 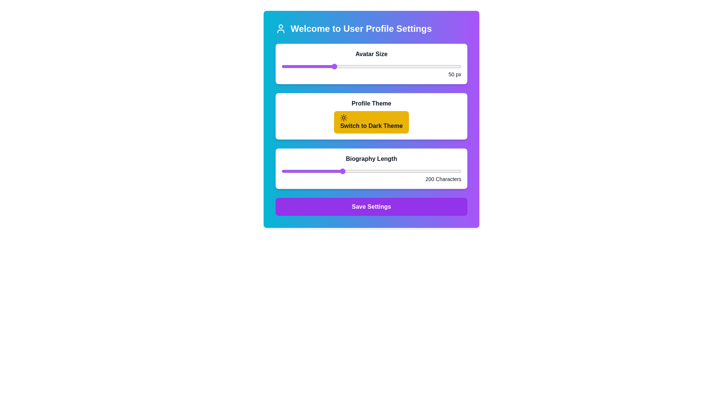 What do you see at coordinates (458, 66) in the screenshot?
I see `avatar size` at bounding box center [458, 66].